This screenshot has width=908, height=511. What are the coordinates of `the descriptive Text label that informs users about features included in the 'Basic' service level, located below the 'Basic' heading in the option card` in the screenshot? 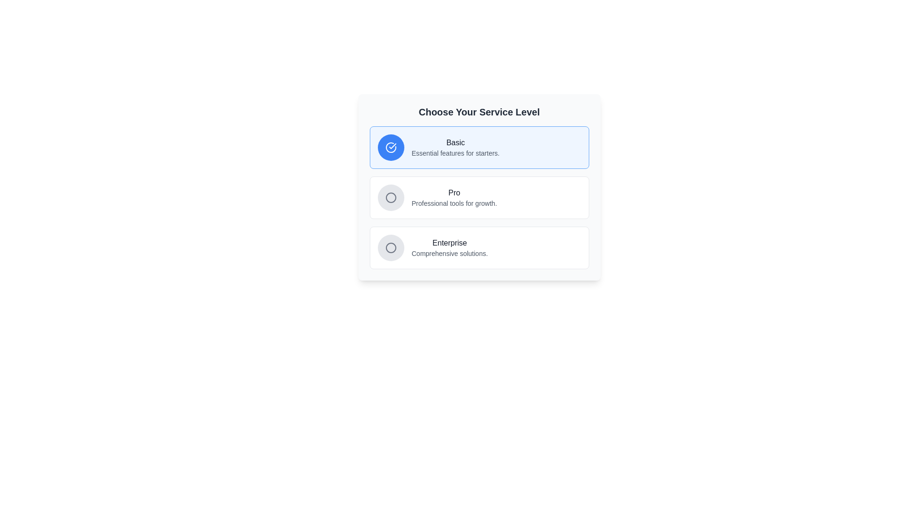 It's located at (455, 153).